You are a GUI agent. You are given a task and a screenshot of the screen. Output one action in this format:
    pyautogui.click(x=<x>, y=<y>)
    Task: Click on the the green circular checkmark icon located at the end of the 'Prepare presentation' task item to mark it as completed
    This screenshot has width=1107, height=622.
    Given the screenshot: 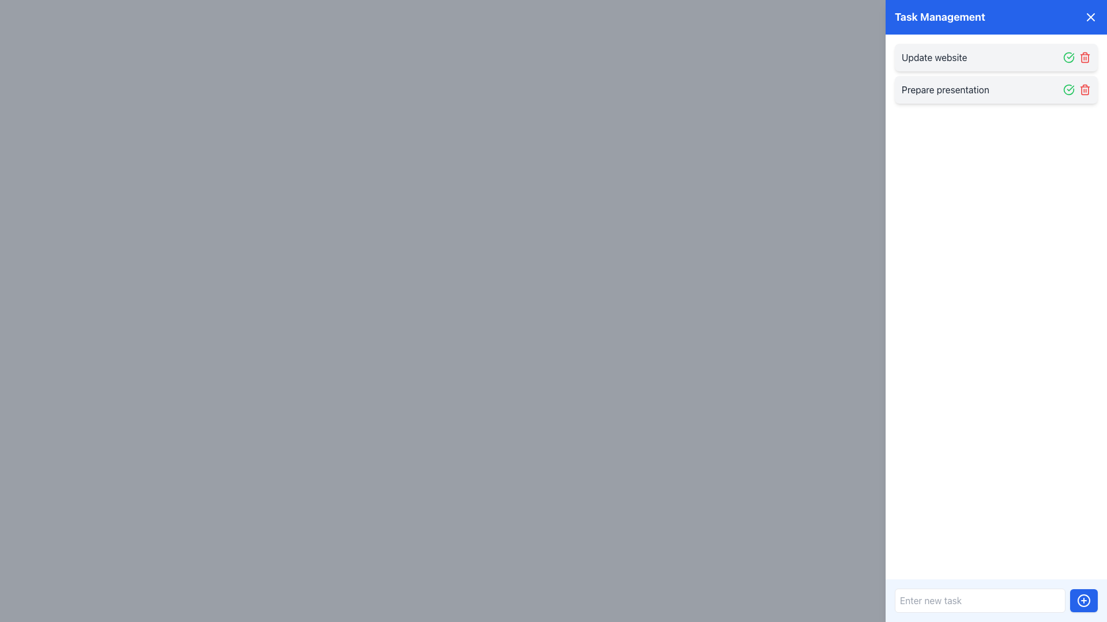 What is the action you would take?
    pyautogui.click(x=1076, y=89)
    